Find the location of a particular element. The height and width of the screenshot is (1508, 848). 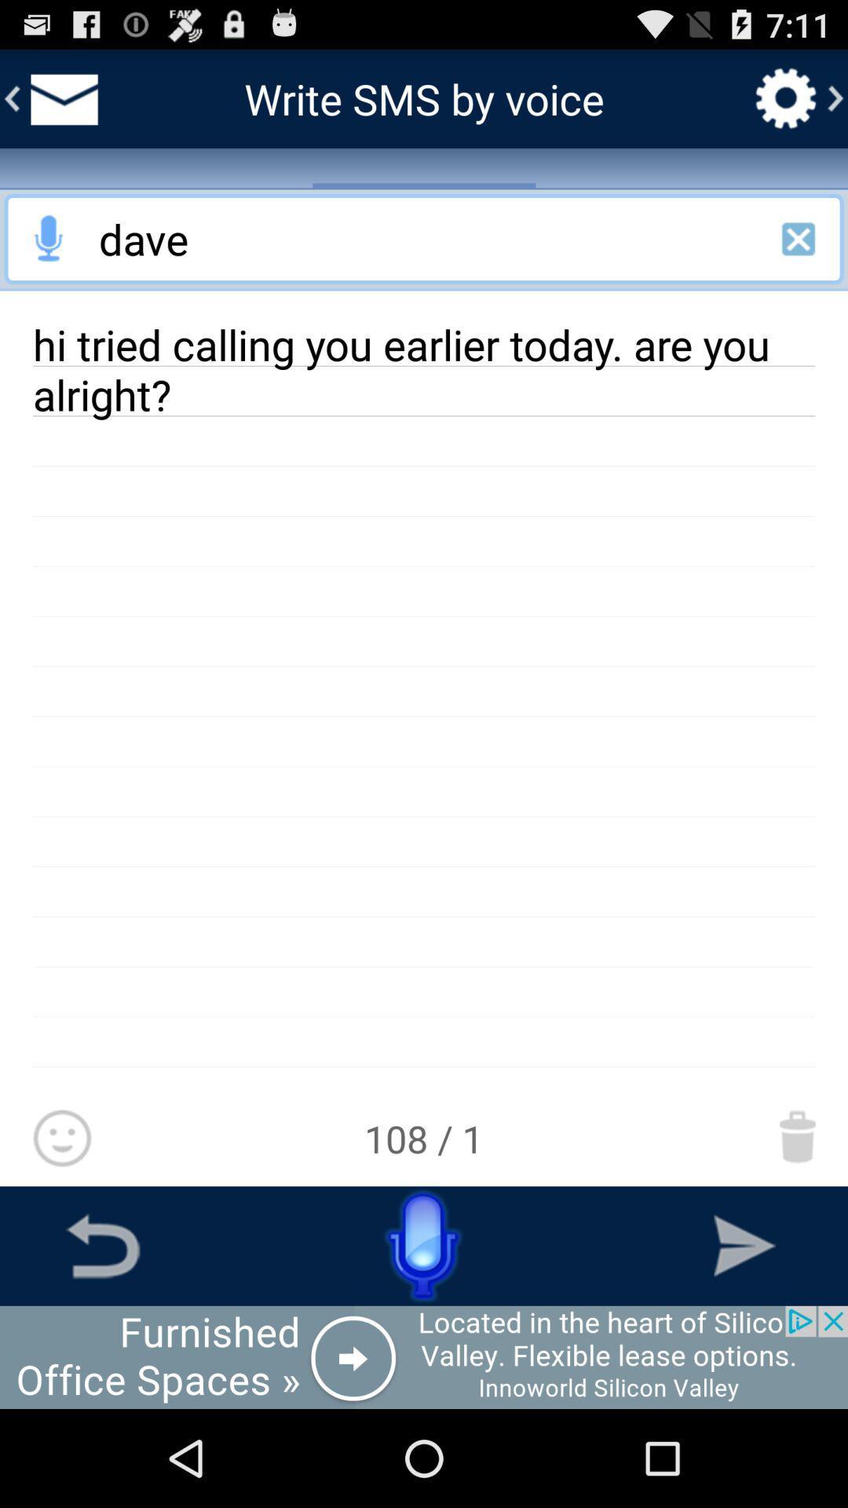

go forward is located at coordinates (744, 1245).